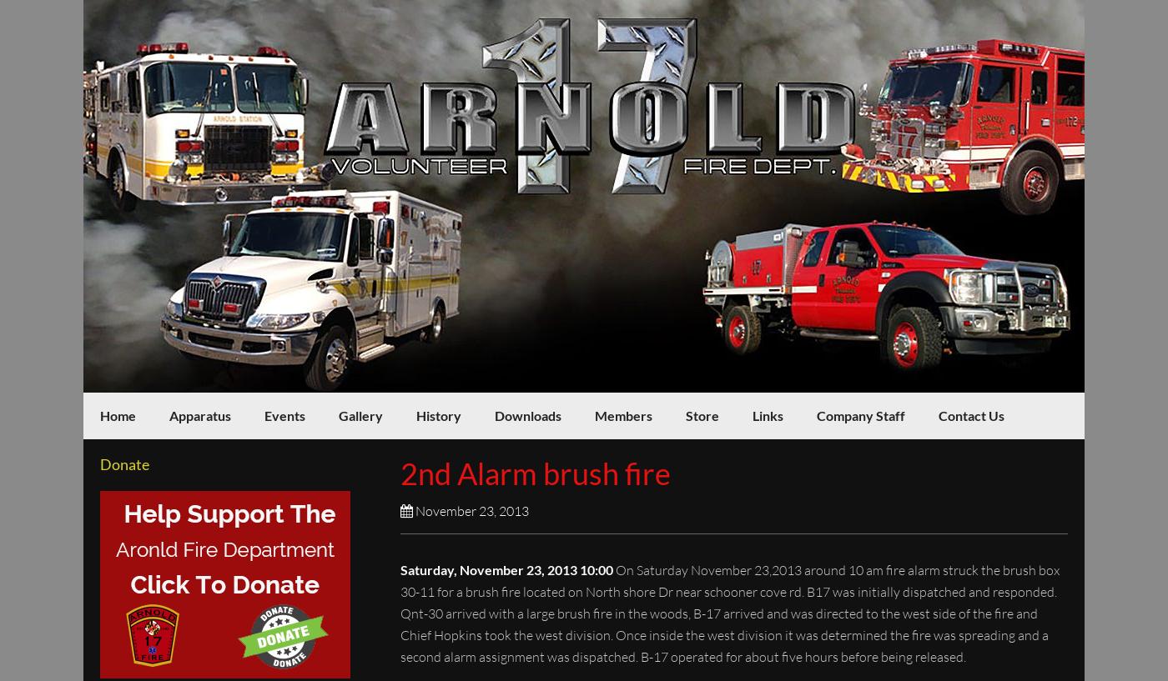 The image size is (1168, 681). I want to click on 'Downloads', so click(527, 414).